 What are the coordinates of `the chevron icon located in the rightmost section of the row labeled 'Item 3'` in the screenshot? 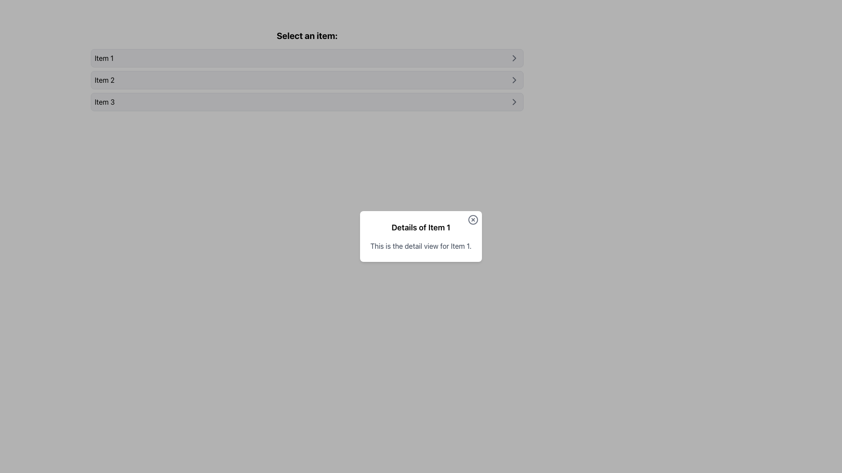 It's located at (514, 101).